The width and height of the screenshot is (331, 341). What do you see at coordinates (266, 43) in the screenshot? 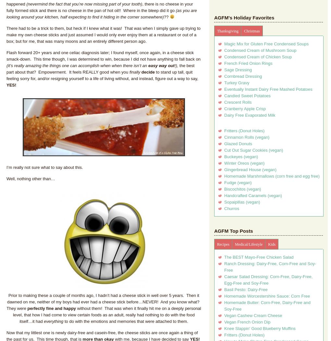
I see `'Magic Mix for Gluten Free Condensed Soups'` at bounding box center [266, 43].